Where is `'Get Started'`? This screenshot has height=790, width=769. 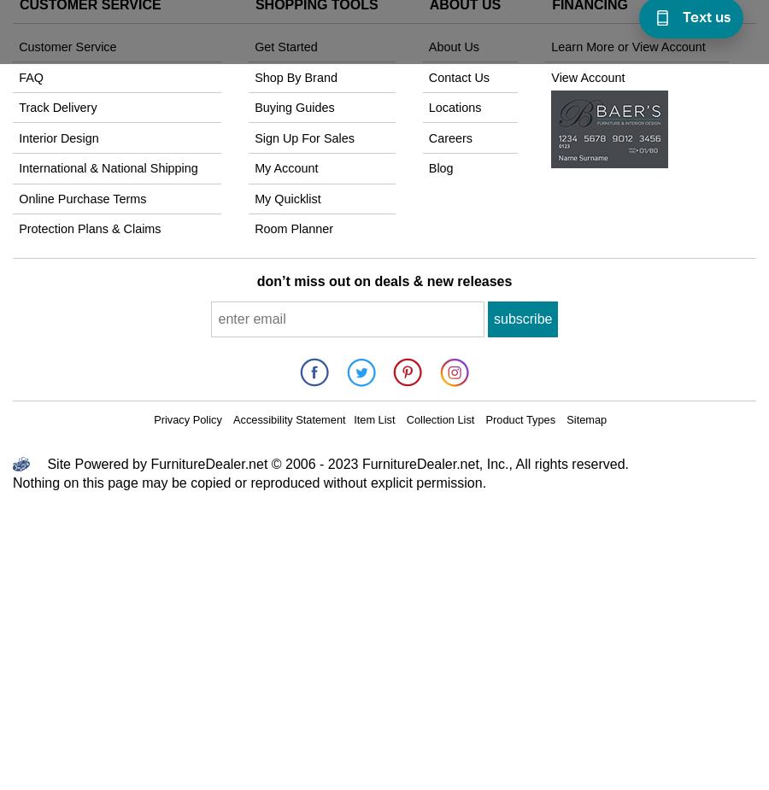 'Get Started' is located at coordinates (253, 46).